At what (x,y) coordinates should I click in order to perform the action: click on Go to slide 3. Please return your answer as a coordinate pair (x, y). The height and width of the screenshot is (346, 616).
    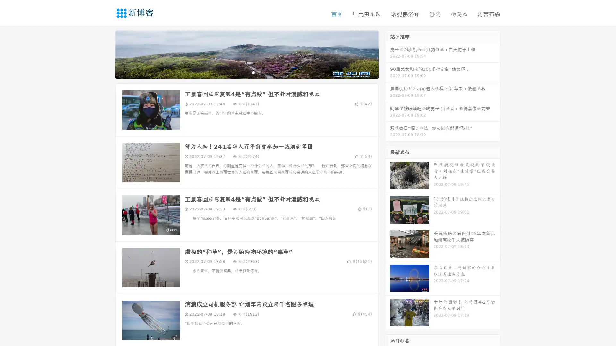
    Looking at the image, I should click on (253, 72).